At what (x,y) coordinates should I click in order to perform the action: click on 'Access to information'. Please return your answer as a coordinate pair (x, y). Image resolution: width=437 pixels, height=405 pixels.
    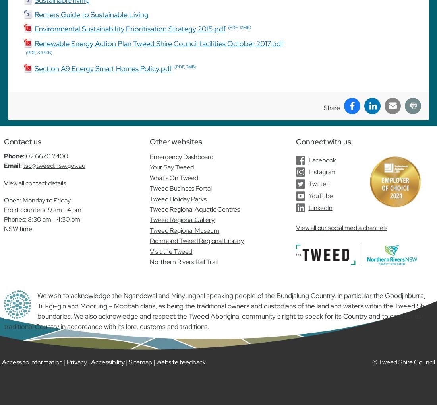
    Looking at the image, I should click on (32, 362).